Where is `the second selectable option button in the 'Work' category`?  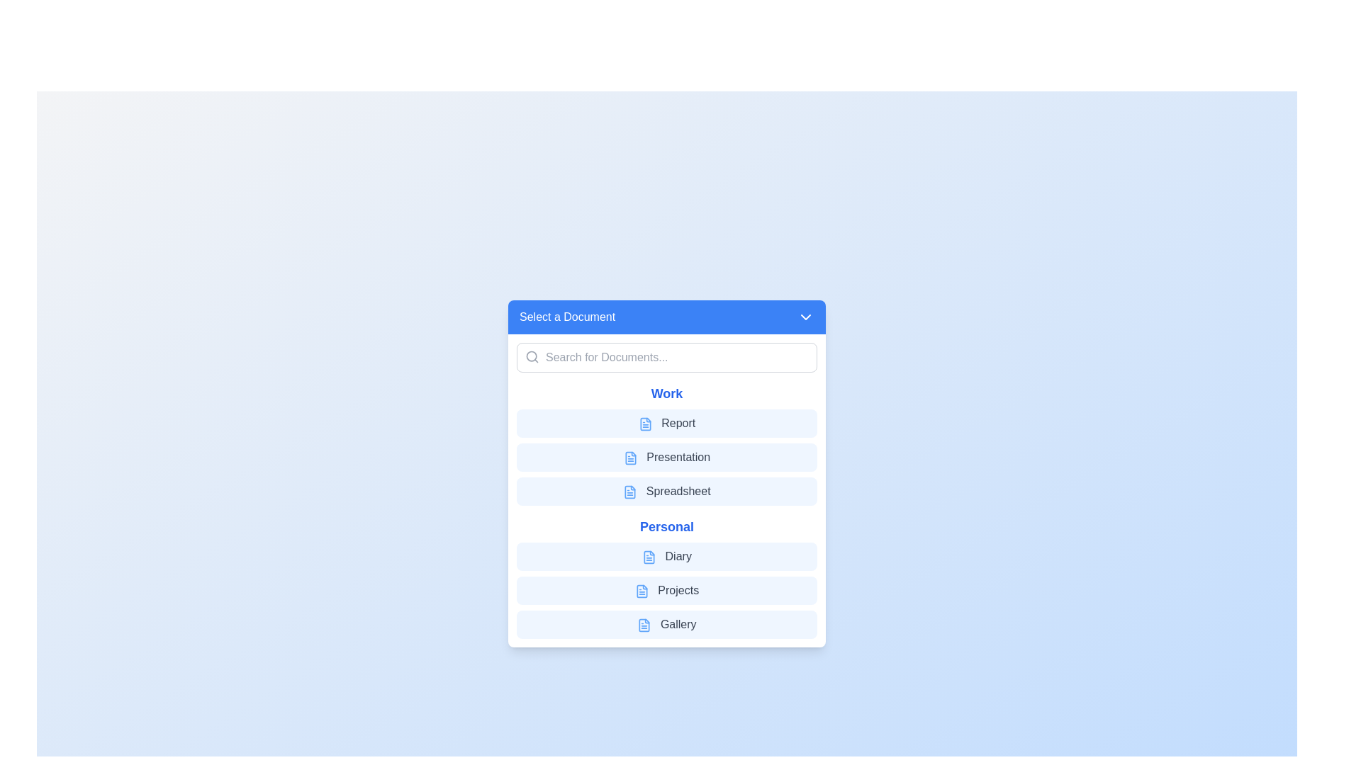 the second selectable option button in the 'Work' category is located at coordinates (666, 457).